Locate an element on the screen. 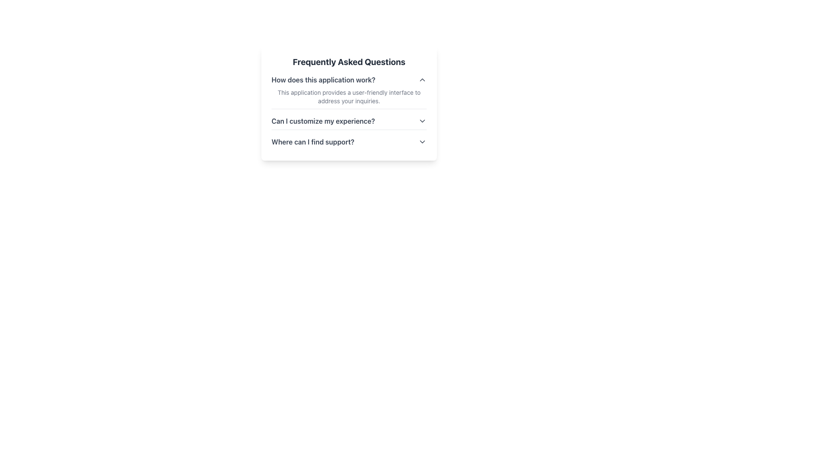  the descriptive text element located directly below the heading 'How does this application work?' in the FAQ section is located at coordinates (349, 96).